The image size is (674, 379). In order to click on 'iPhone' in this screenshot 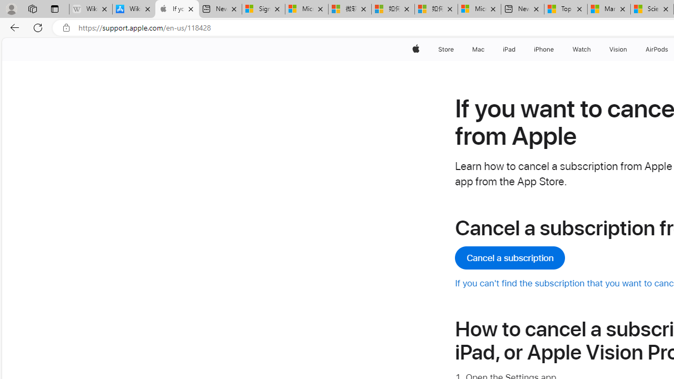, I will do `click(544, 49)`.